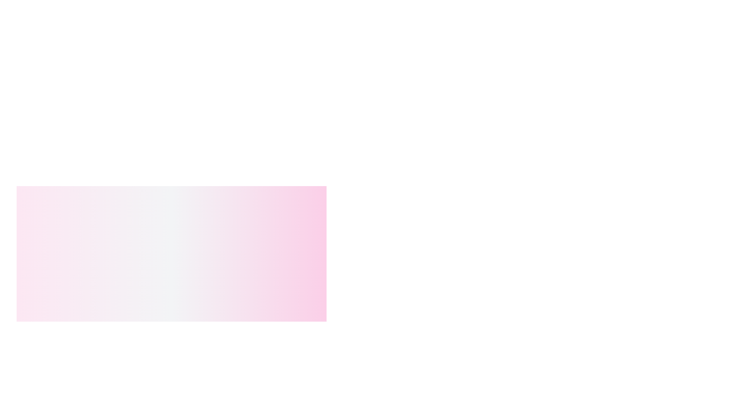 This screenshot has width=742, height=417. Describe the element at coordinates (171, 249) in the screenshot. I see `the center of the modal dialog with a gradient background transitioning between white and light pink` at that location.